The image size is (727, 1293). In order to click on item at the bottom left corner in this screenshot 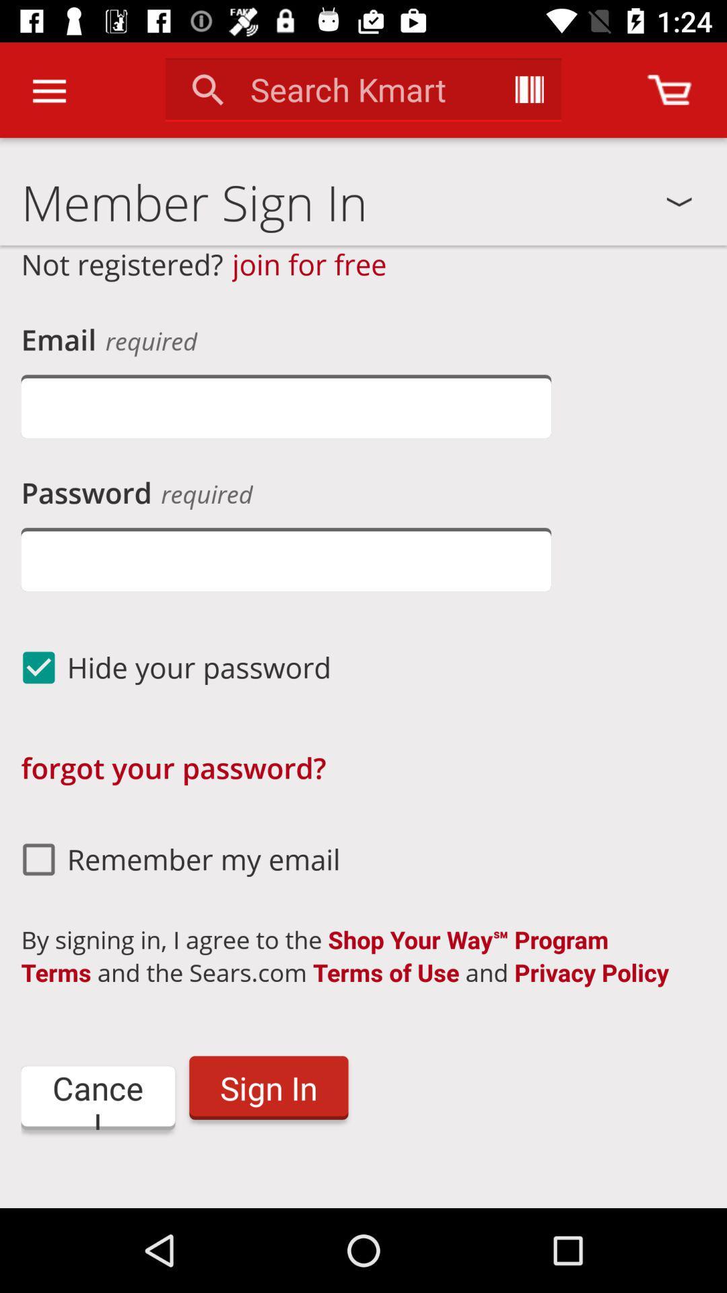, I will do `click(97, 1098)`.